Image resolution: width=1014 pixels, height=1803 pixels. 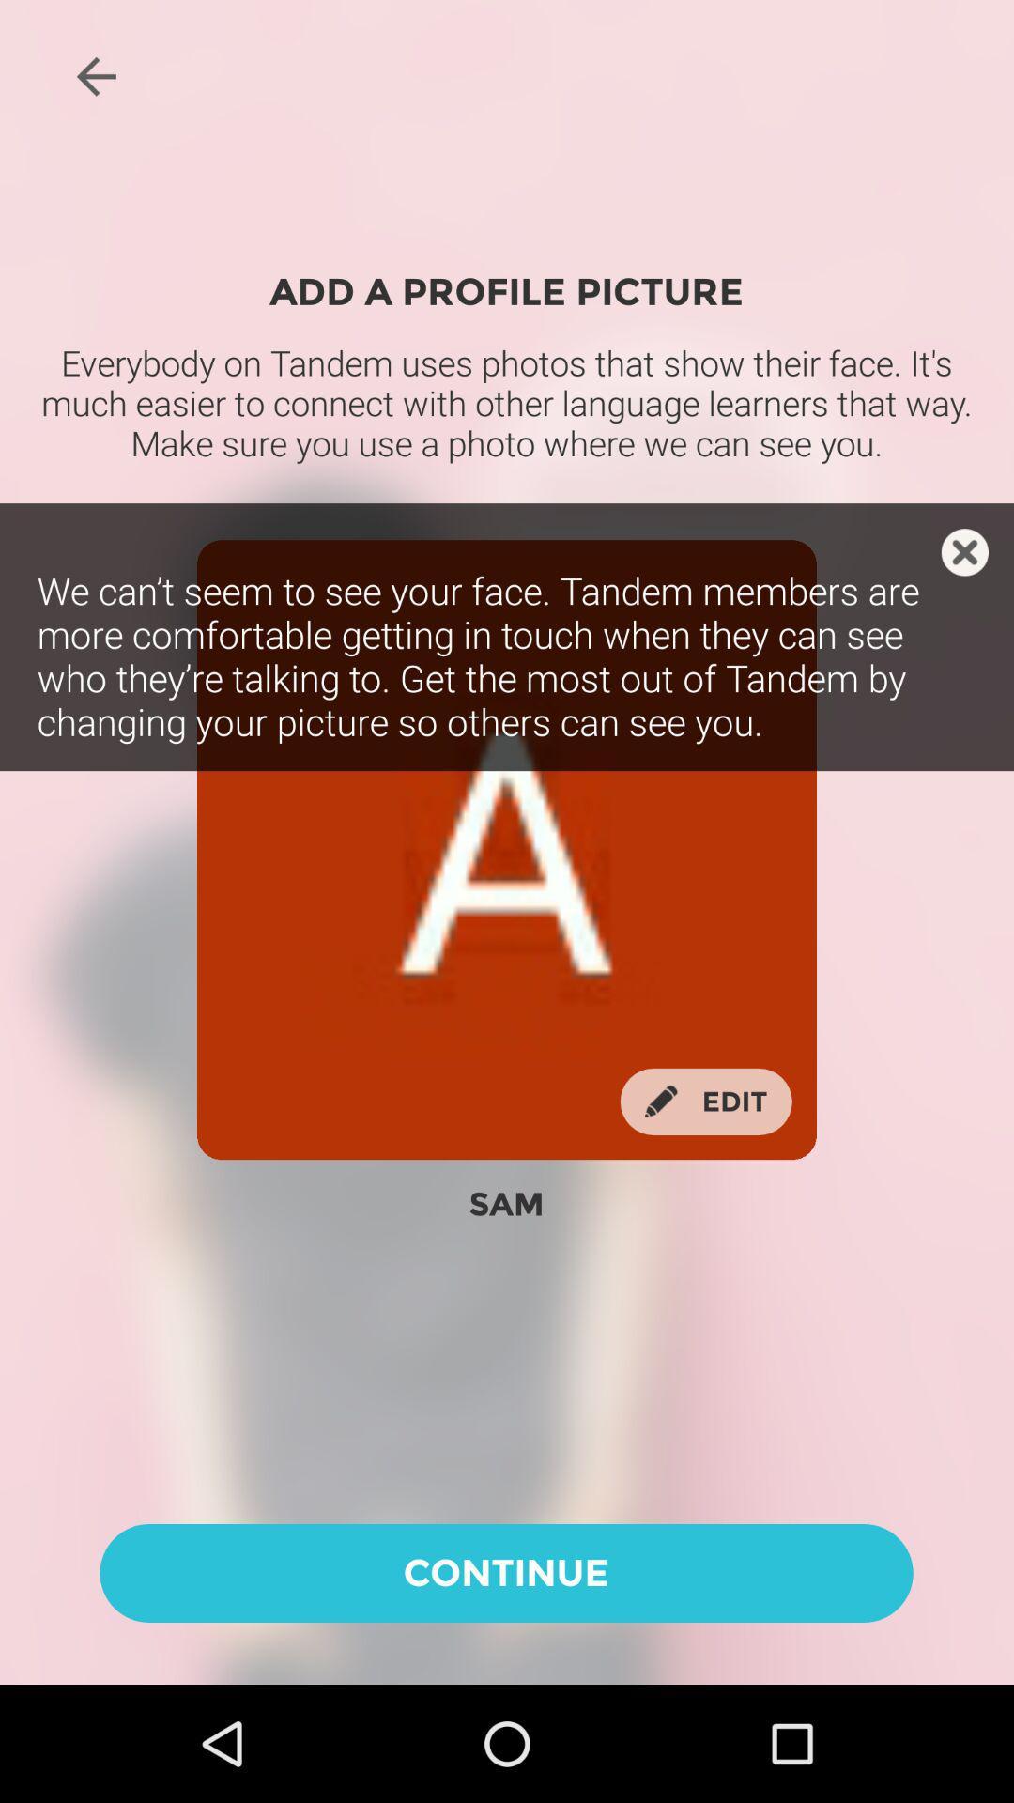 What do you see at coordinates (505, 1573) in the screenshot?
I see `the continue item` at bounding box center [505, 1573].